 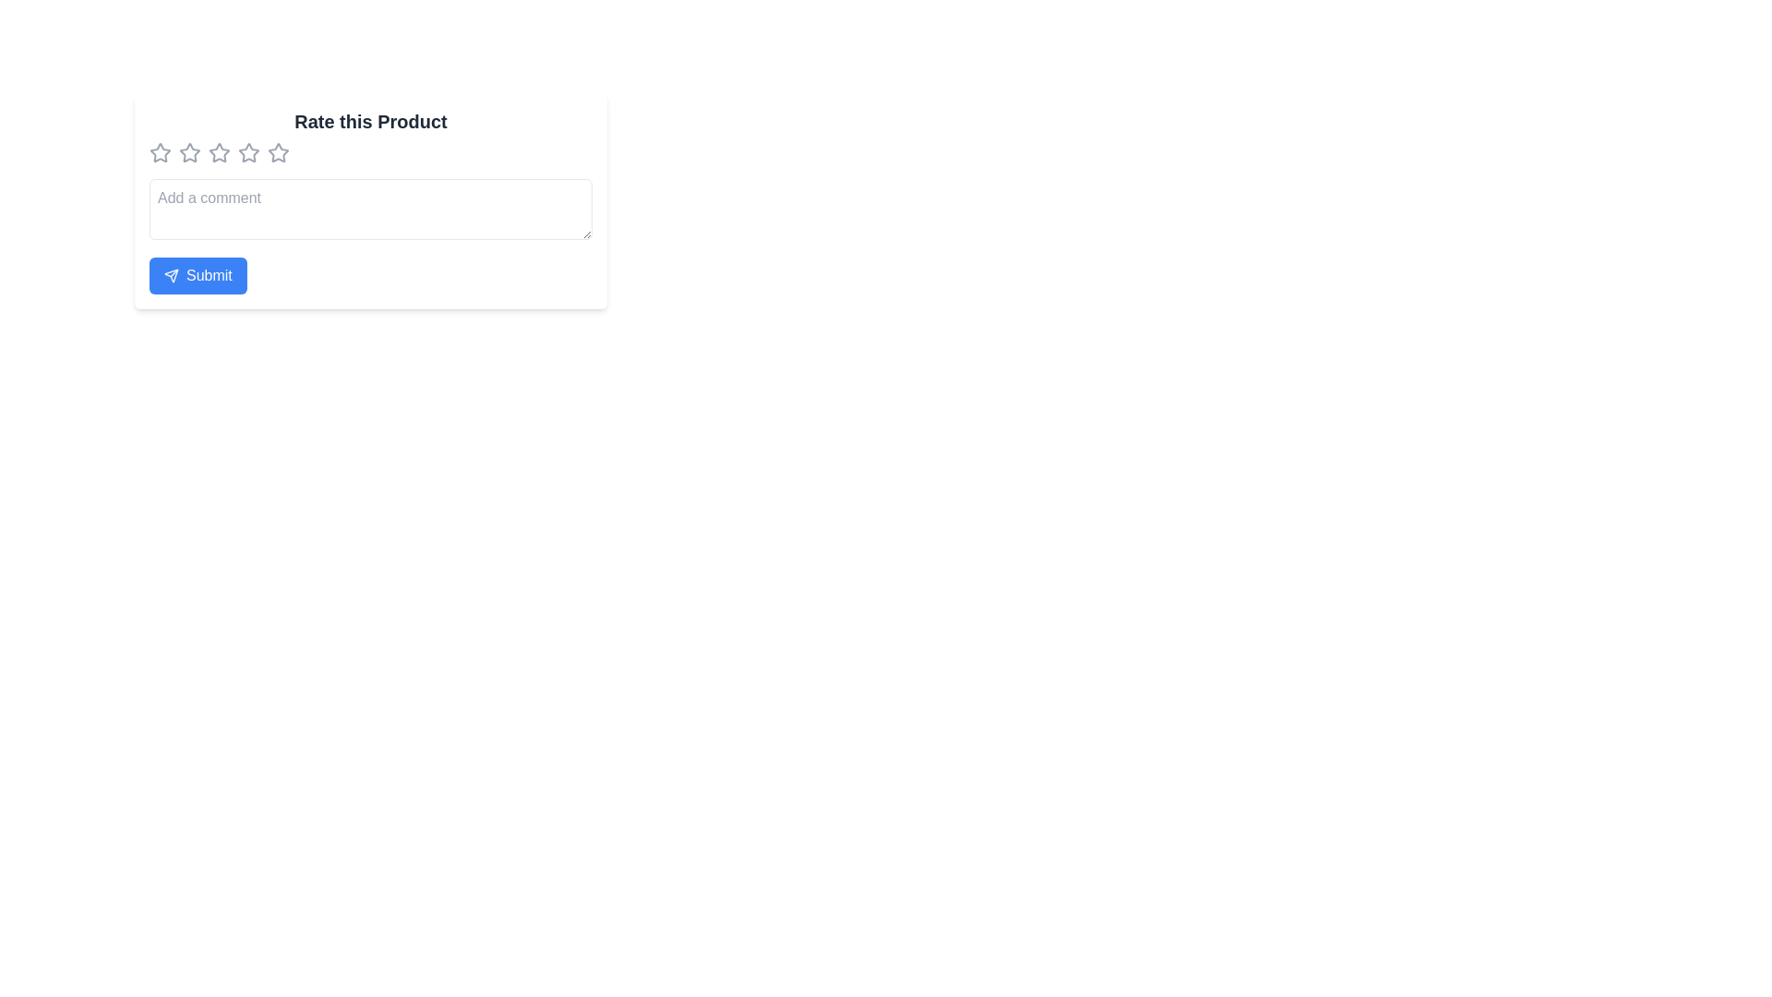 What do you see at coordinates (220, 151) in the screenshot?
I see `the second star icon in the five-star rating system` at bounding box center [220, 151].